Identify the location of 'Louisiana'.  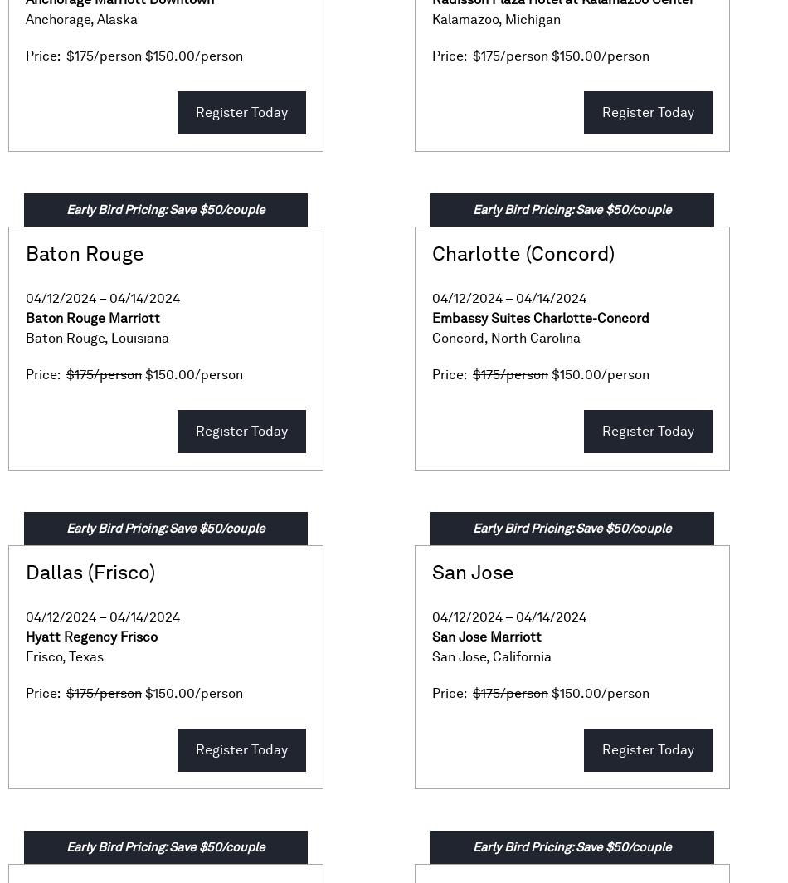
(140, 338).